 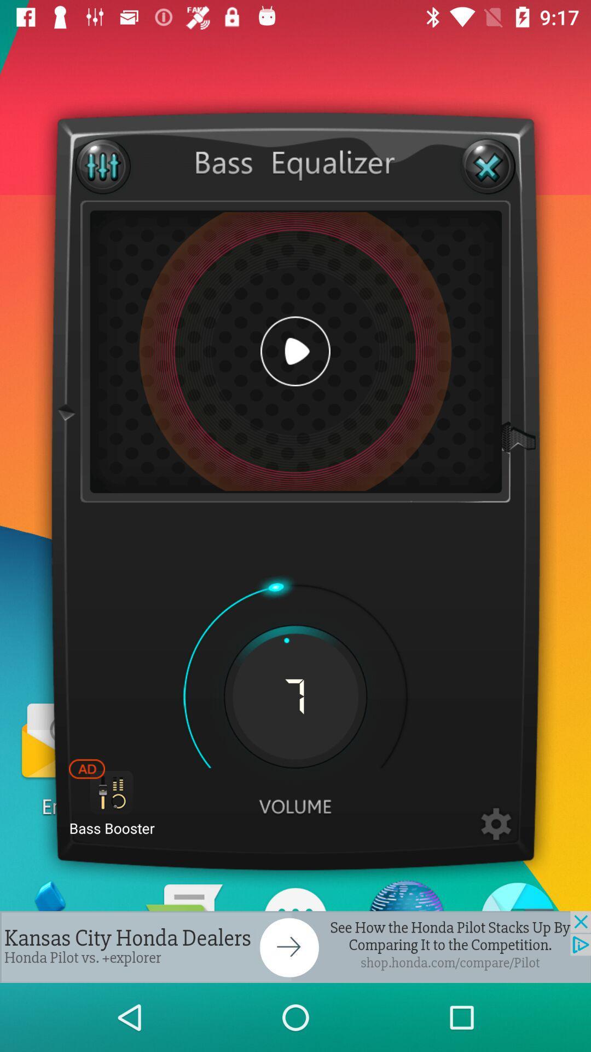 I want to click on box, so click(x=487, y=165).